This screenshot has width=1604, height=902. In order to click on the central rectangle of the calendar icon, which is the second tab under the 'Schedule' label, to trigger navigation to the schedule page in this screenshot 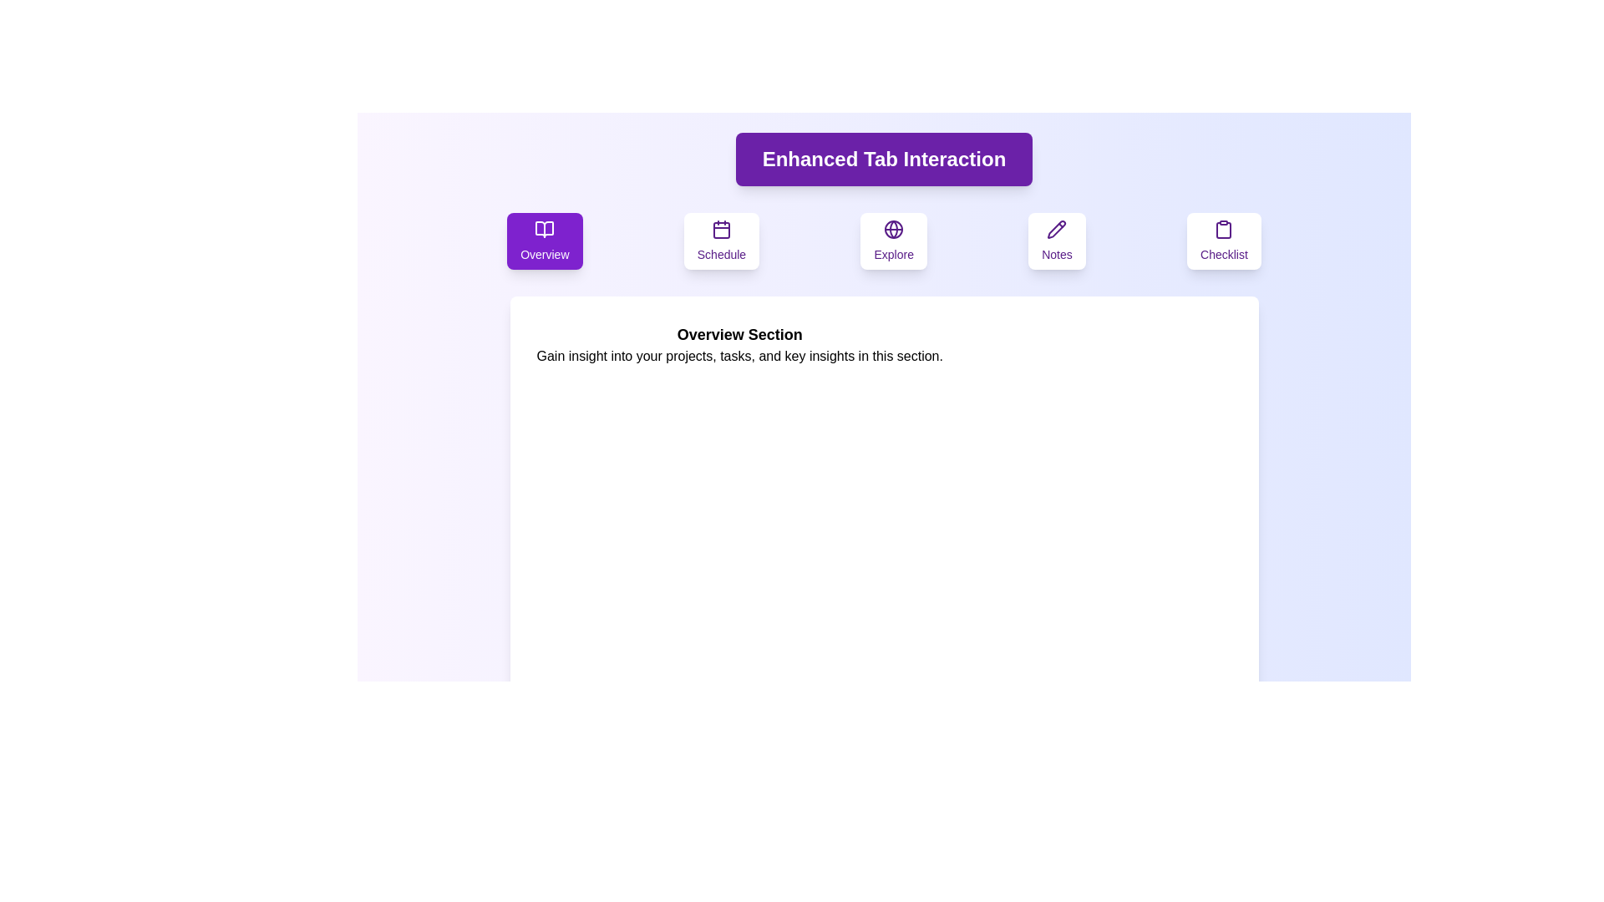, I will do `click(722, 231)`.